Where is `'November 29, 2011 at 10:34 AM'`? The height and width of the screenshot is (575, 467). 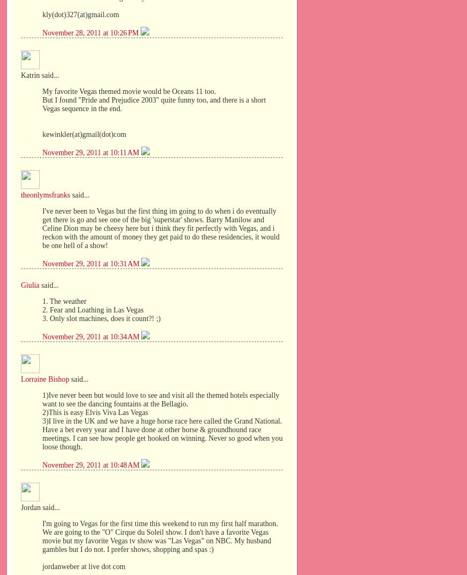
'November 29, 2011 at 10:34 AM' is located at coordinates (91, 336).